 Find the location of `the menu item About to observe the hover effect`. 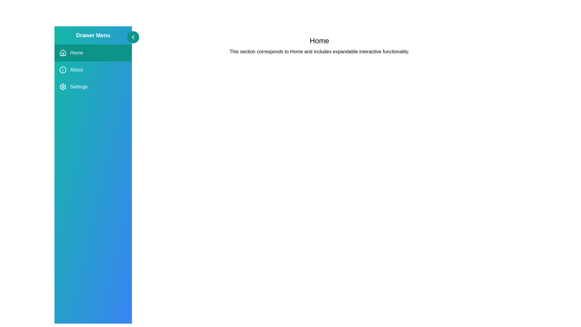

the menu item About to observe the hover effect is located at coordinates (93, 70).